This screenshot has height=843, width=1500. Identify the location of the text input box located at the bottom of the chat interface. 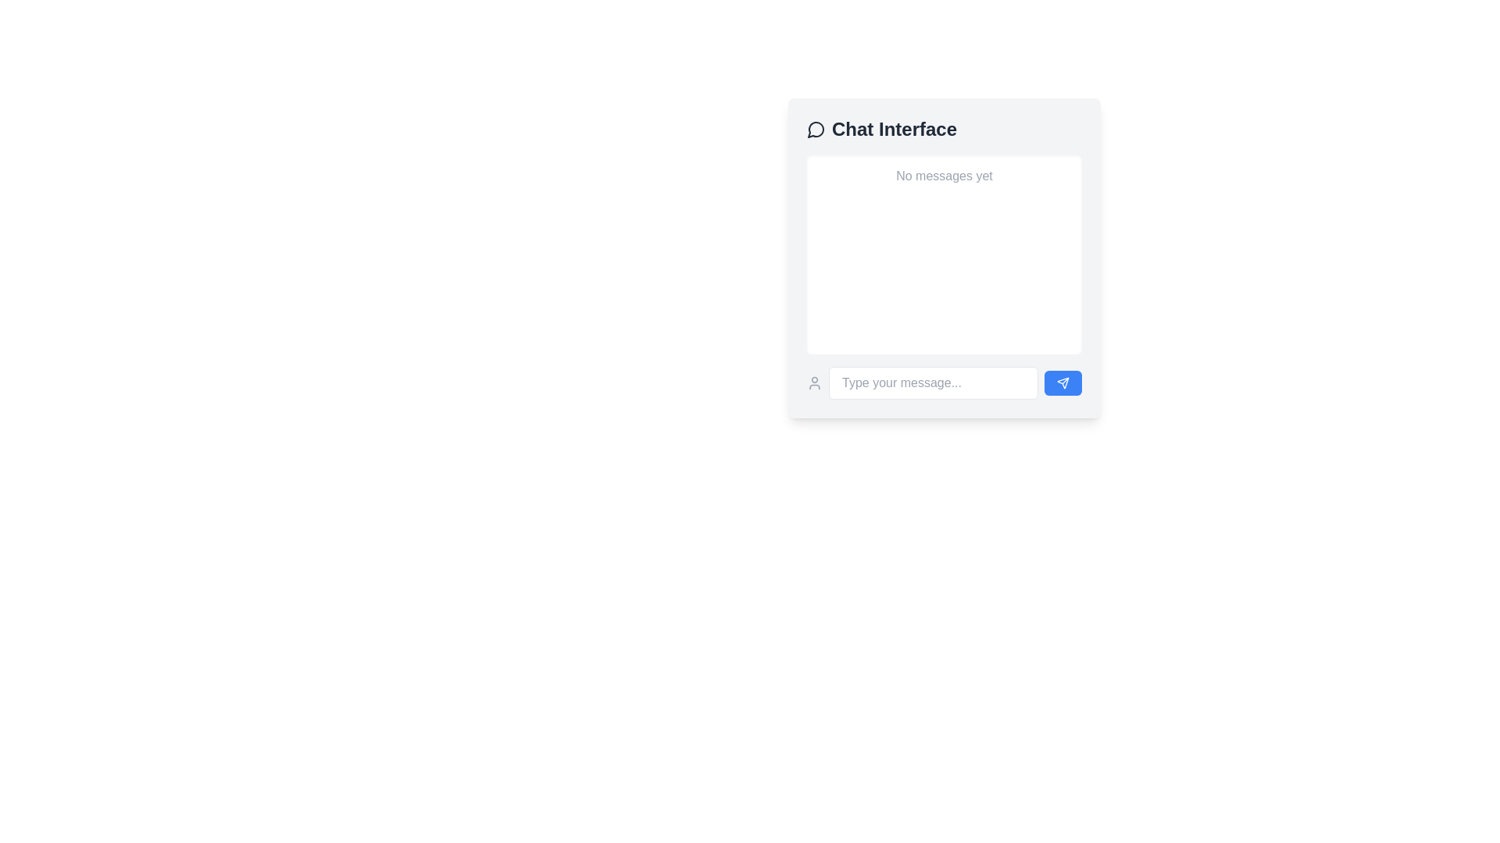
(934, 382).